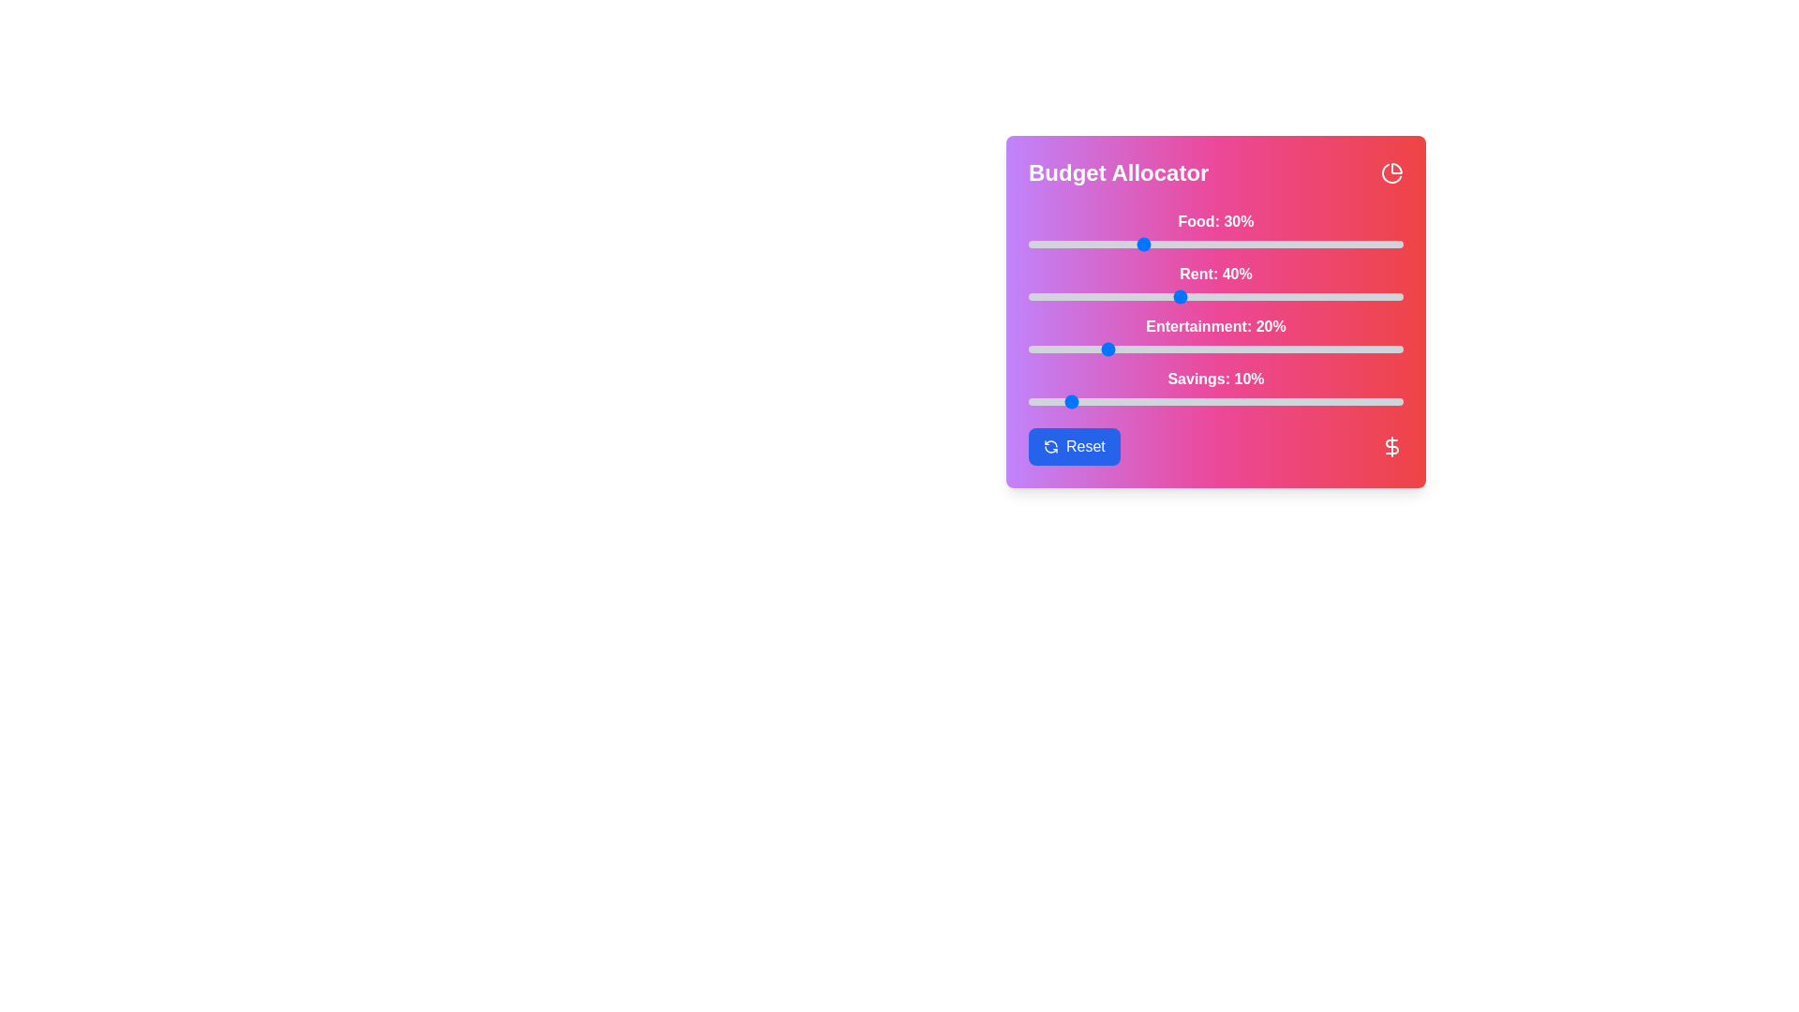 Image resolution: width=1799 pixels, height=1012 pixels. What do you see at coordinates (1182, 295) in the screenshot?
I see `the rent allocation` at bounding box center [1182, 295].